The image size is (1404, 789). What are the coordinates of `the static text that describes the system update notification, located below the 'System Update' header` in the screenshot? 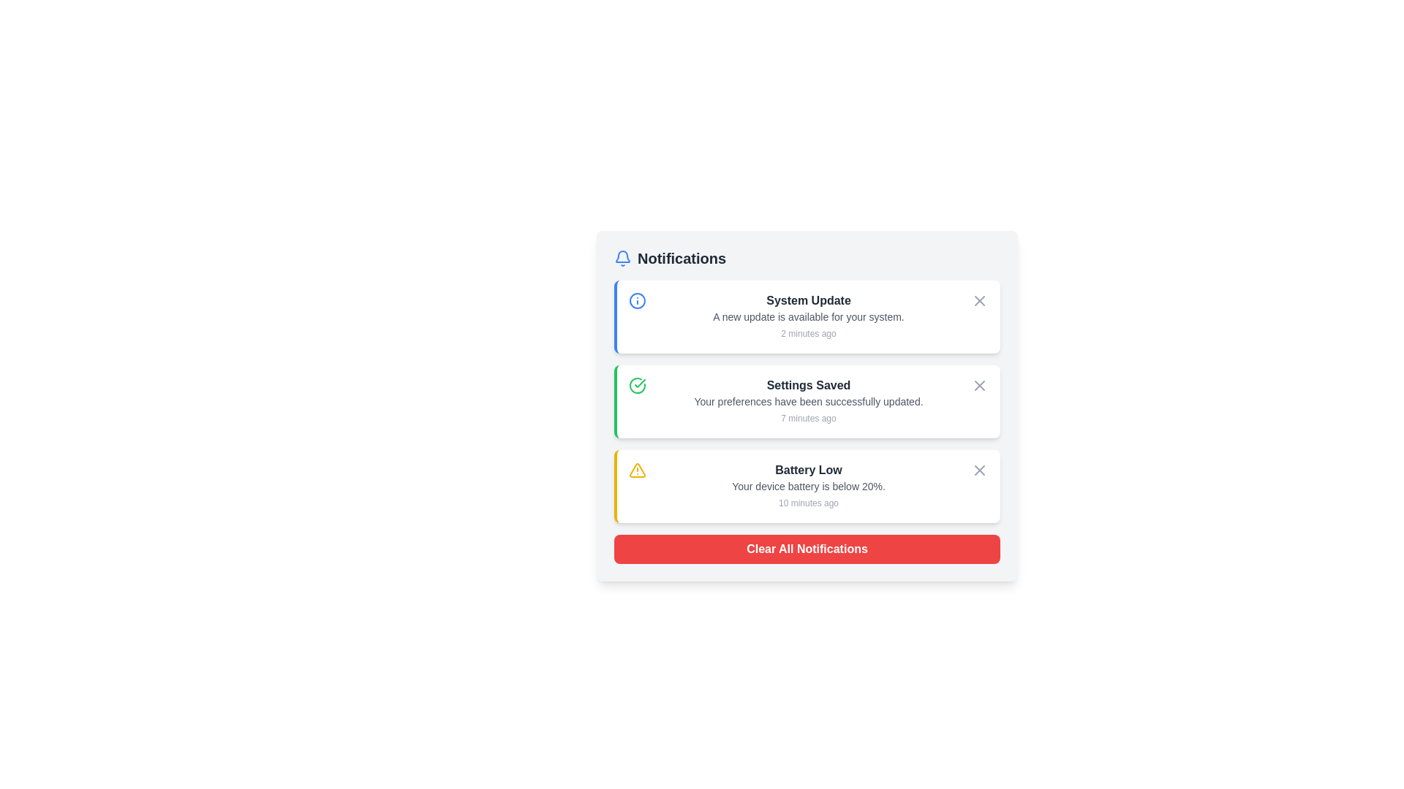 It's located at (807, 316).